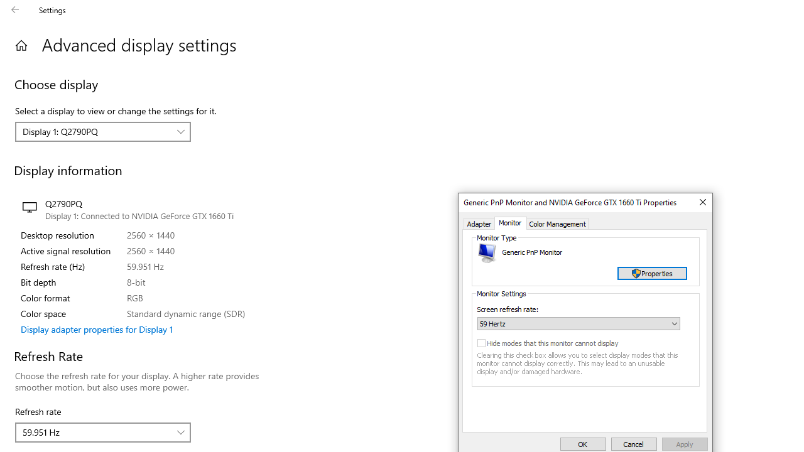 The height and width of the screenshot is (452, 804). I want to click on 'Close', so click(702, 202).